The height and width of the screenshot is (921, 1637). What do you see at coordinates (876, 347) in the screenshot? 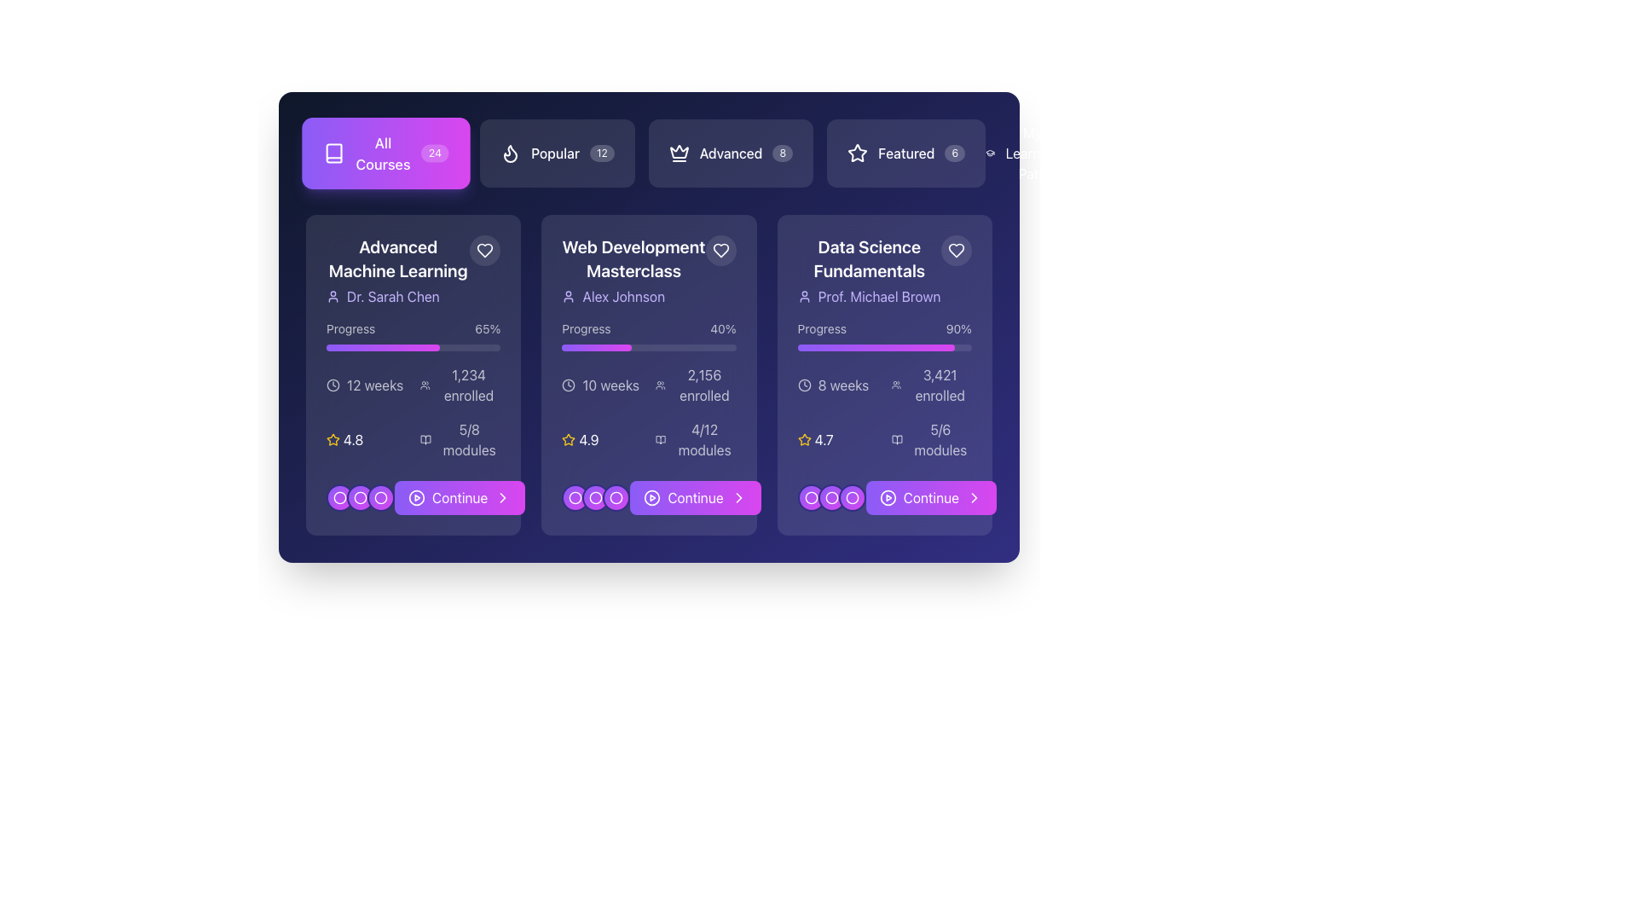
I see `the visual representation of the progress bar located in the 'Progress' subsection of the 'Data Science Fundamentals' card within the course overview section` at bounding box center [876, 347].